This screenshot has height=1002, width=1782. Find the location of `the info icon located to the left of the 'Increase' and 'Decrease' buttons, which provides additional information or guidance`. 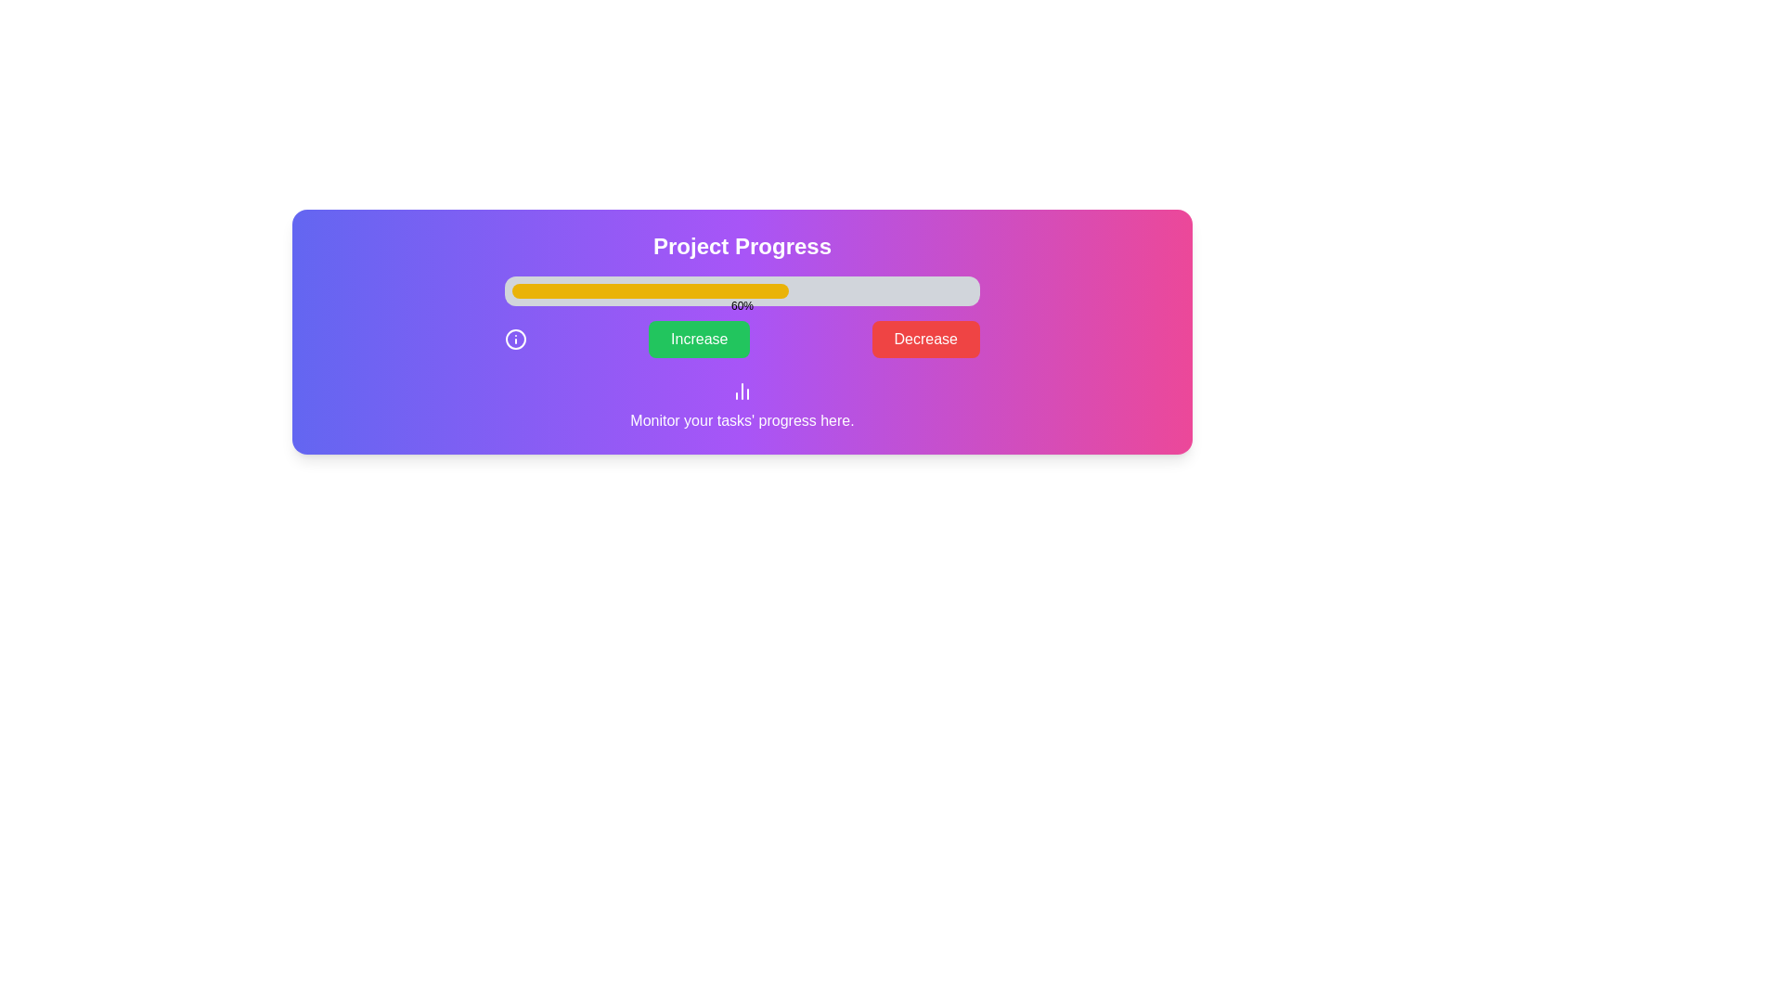

the info icon located to the left of the 'Increase' and 'Decrease' buttons, which provides additional information or guidance is located at coordinates (516, 340).